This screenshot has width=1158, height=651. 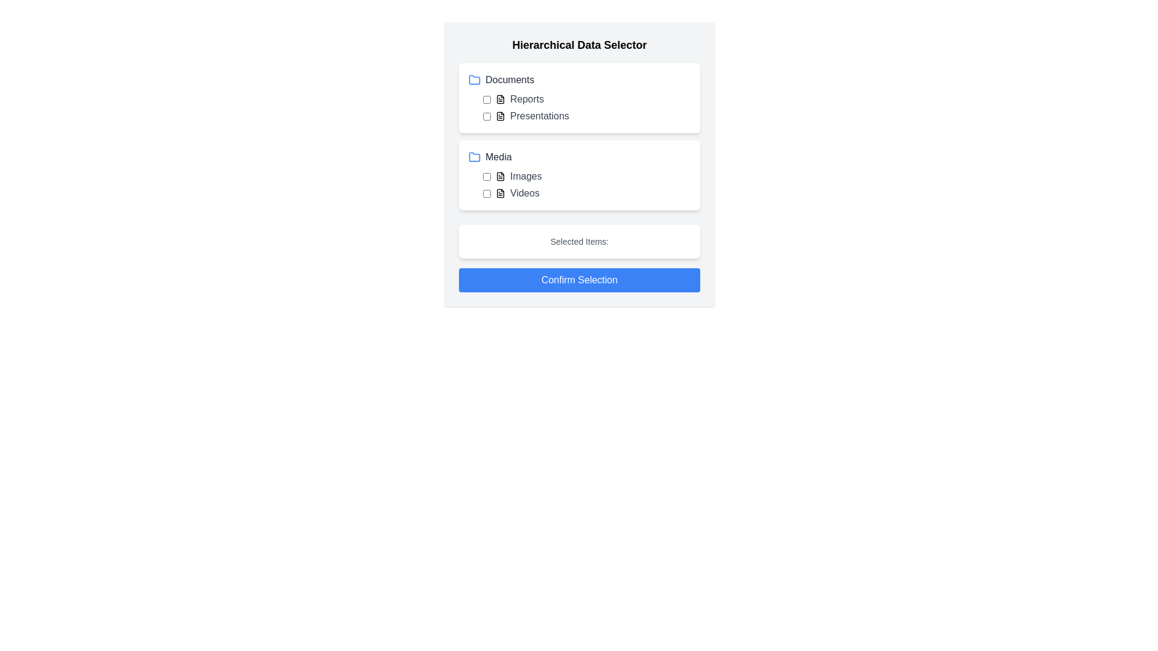 What do you see at coordinates (501, 177) in the screenshot?
I see `the document icon with a stroke-based appearance located in the 'Media' section, next to the 'Images' label` at bounding box center [501, 177].